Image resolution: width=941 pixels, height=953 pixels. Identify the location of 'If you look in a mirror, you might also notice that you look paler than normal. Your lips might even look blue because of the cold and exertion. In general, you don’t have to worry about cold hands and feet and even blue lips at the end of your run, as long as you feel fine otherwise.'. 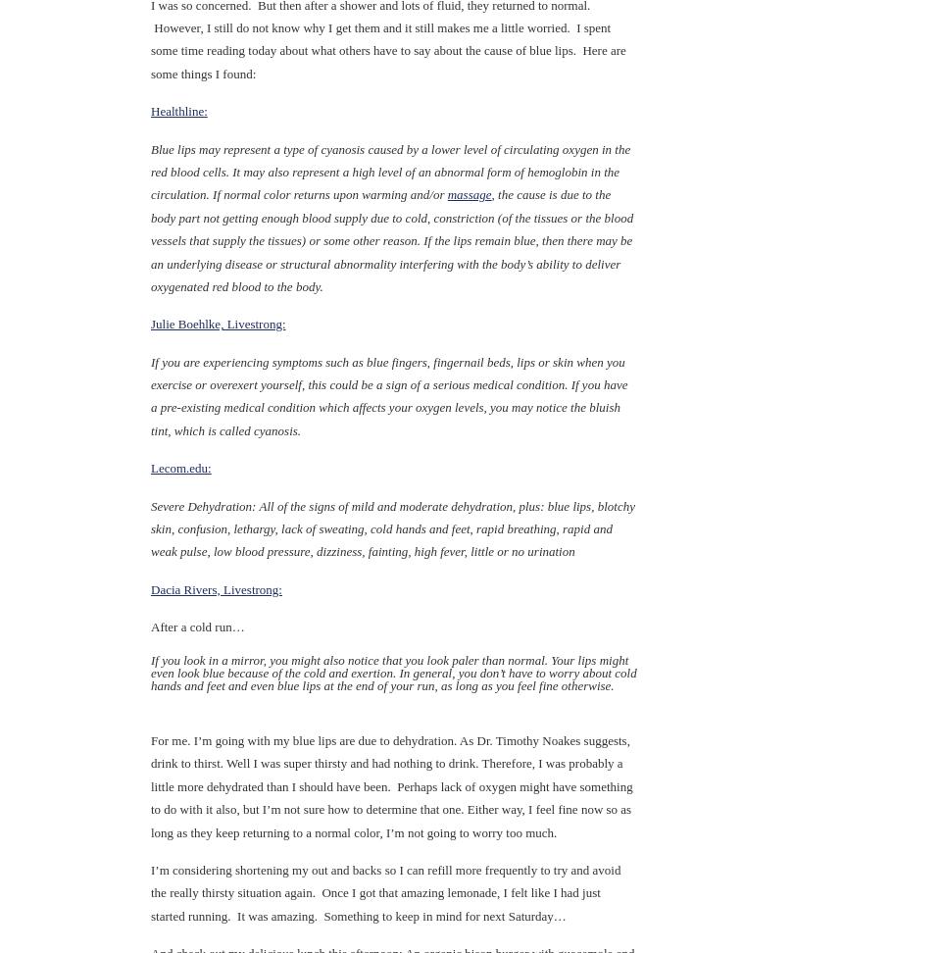
(149, 671).